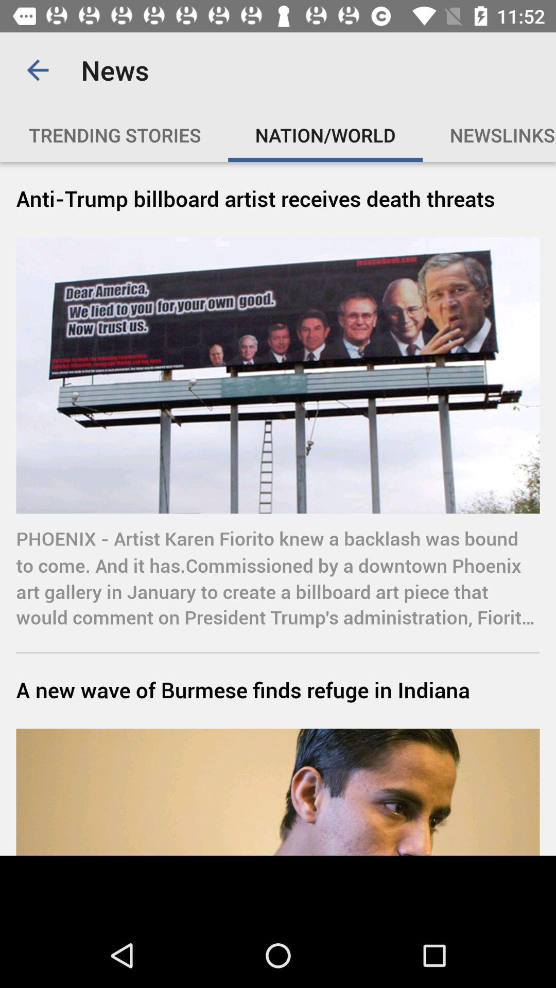 The width and height of the screenshot is (556, 988). What do you see at coordinates (37, 69) in the screenshot?
I see `app next to the news` at bounding box center [37, 69].